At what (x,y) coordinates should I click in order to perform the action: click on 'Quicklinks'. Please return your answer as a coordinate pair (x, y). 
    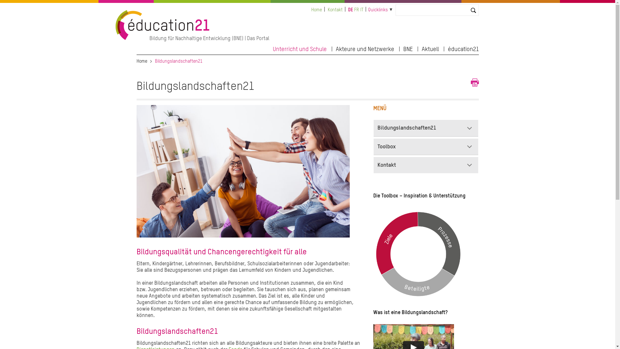
    Looking at the image, I should click on (368, 10).